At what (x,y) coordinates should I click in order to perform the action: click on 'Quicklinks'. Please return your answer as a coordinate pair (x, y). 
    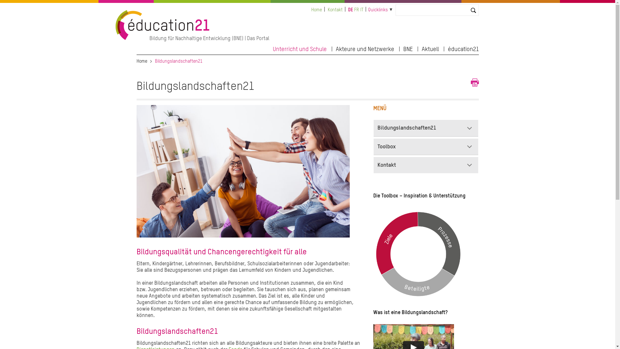
    Looking at the image, I should click on (368, 10).